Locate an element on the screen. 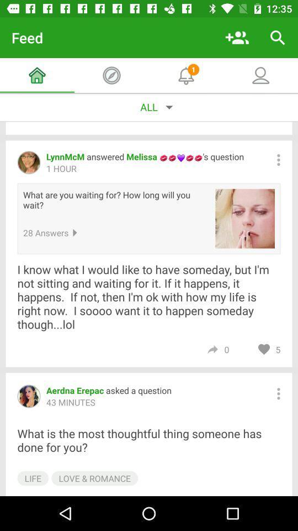 This screenshot has height=531, width=298. more options is located at coordinates (278, 393).